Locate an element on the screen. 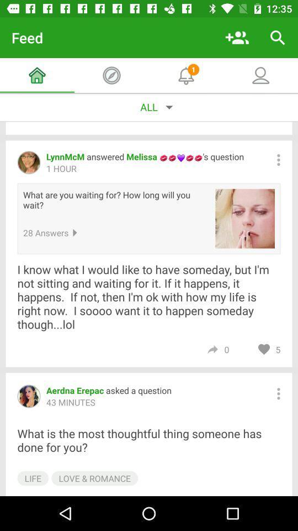 This screenshot has height=531, width=298. more options is located at coordinates (278, 393).